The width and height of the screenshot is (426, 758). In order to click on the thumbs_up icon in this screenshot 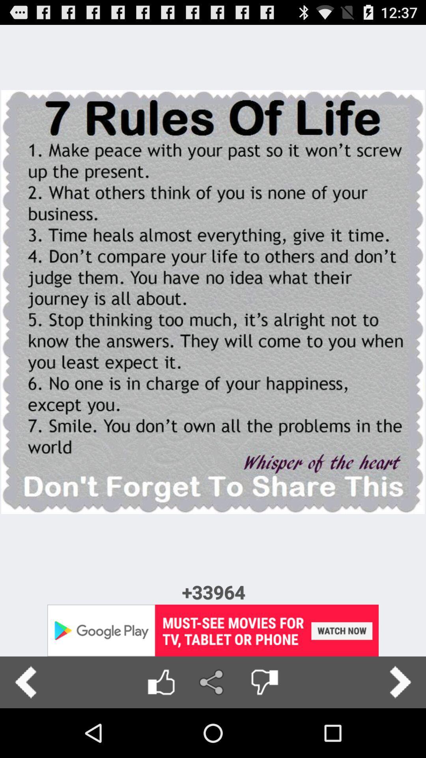, I will do `click(161, 730)`.